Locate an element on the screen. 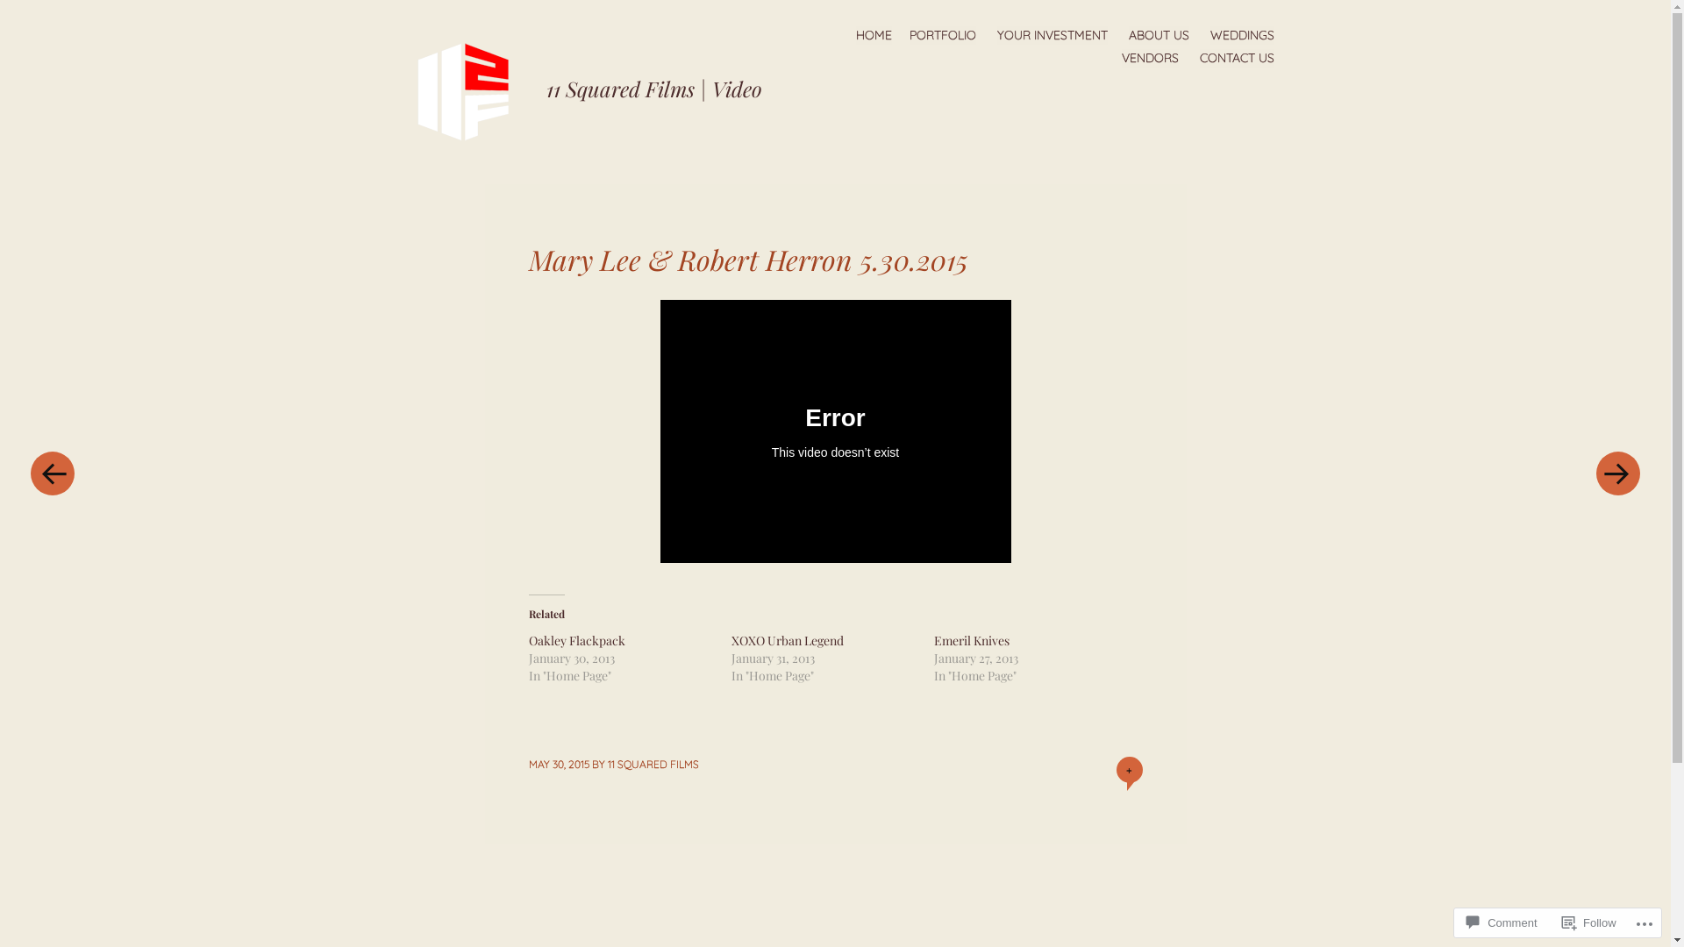  'VENDORS' is located at coordinates (1119, 57).